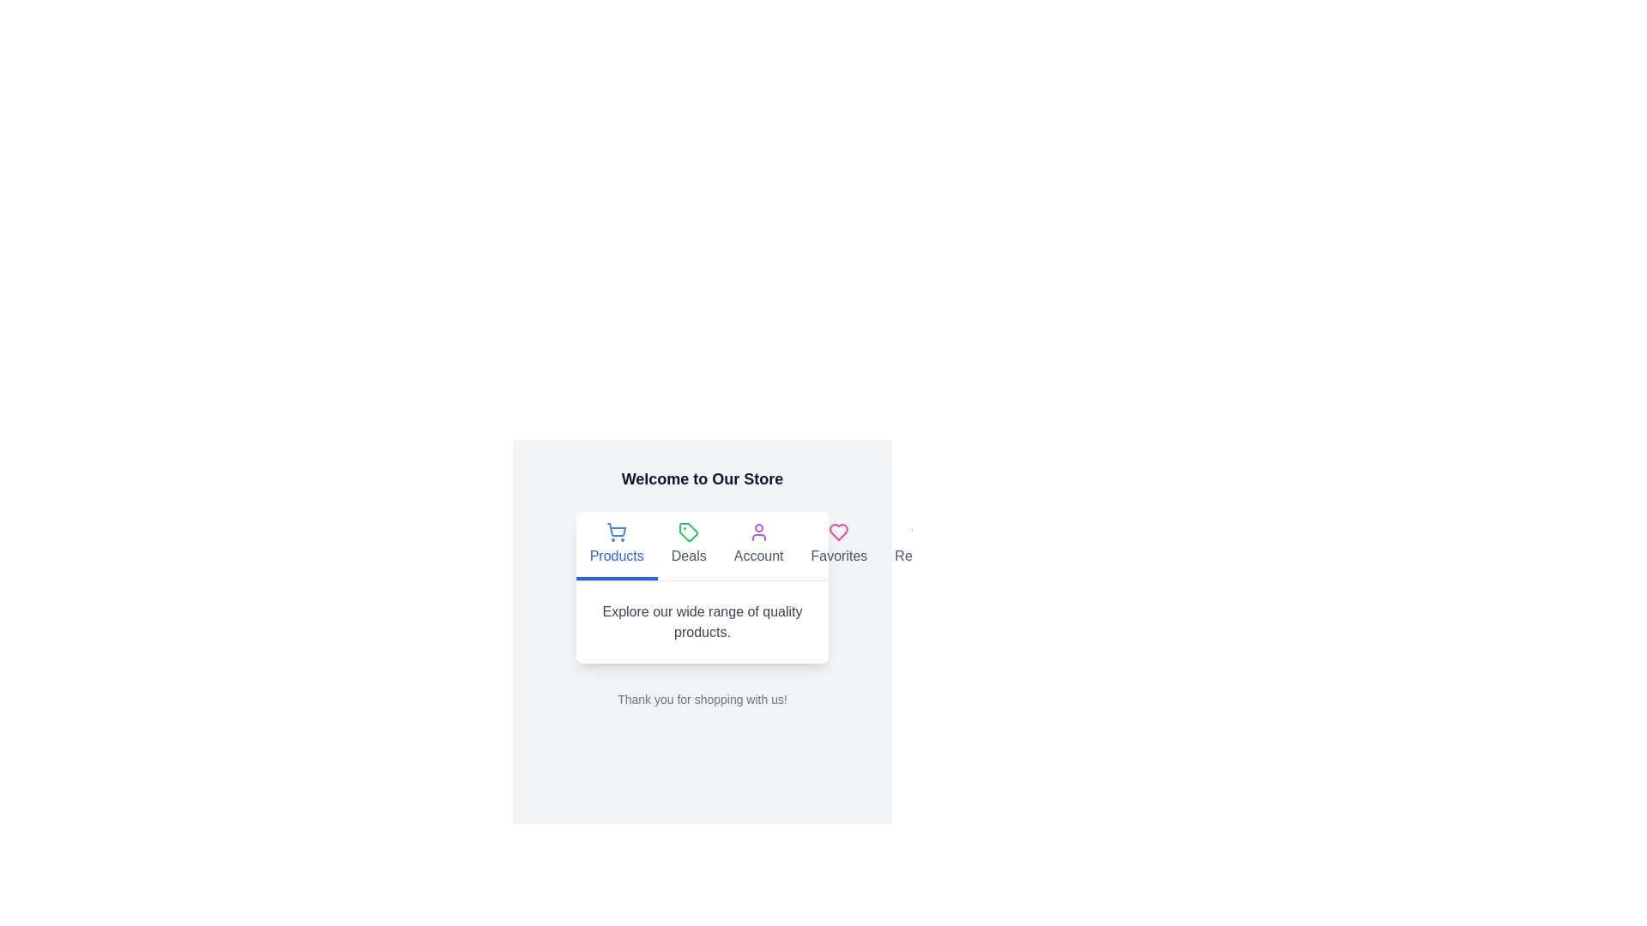 This screenshot has height=926, width=1647. I want to click on the shopping cart icon, which is blue and located above the 'Products' label in a column layout, so click(617, 532).